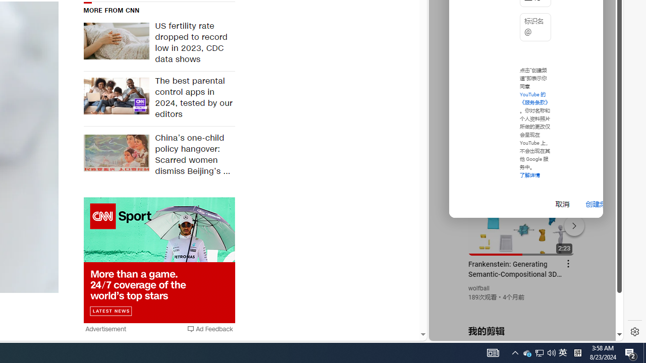 The height and width of the screenshot is (363, 646). I want to click on 'wolfball', so click(478, 288).